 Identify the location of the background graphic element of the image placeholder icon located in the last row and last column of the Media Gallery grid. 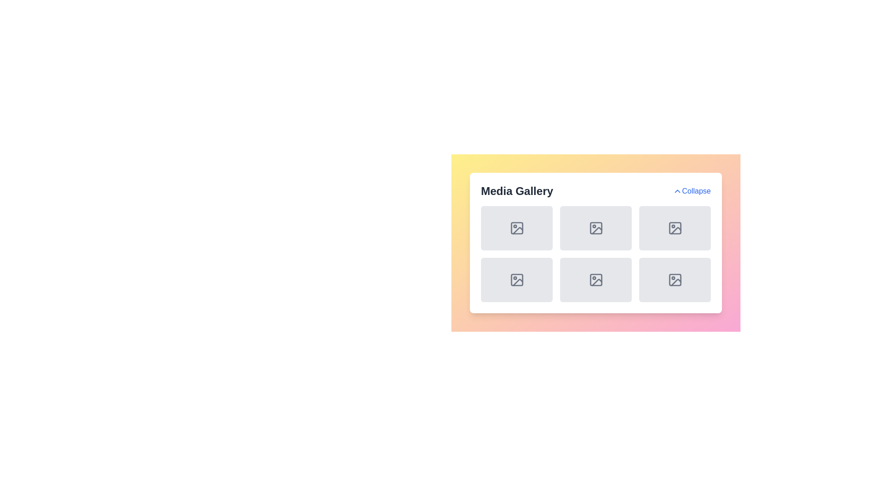
(675, 279).